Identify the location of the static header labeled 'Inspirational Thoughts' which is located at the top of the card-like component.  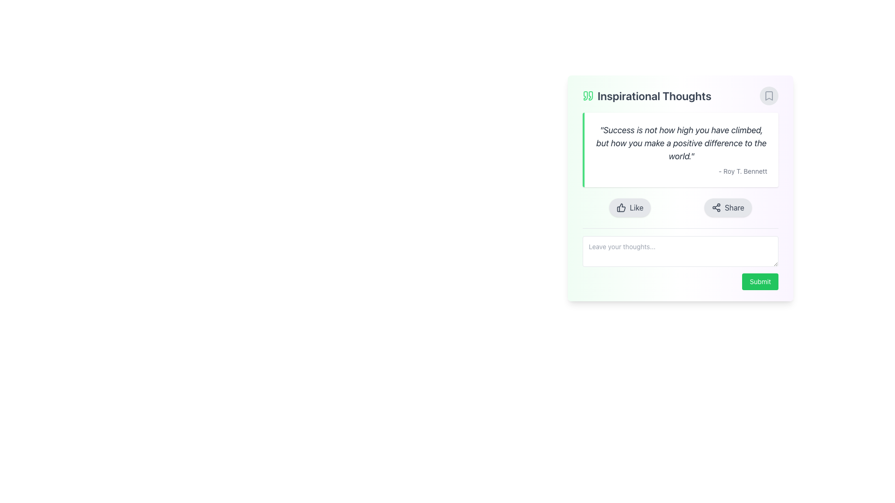
(680, 95).